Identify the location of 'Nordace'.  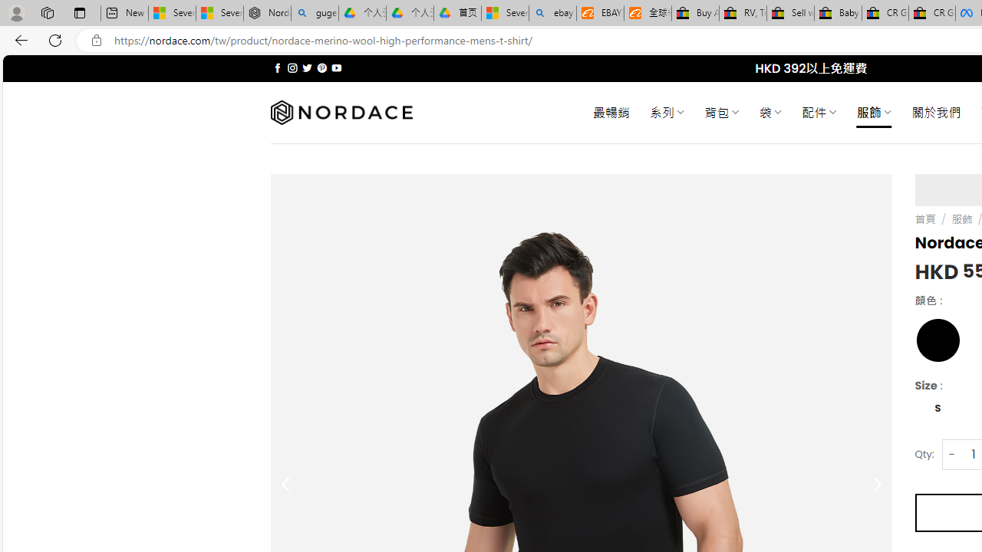
(340, 112).